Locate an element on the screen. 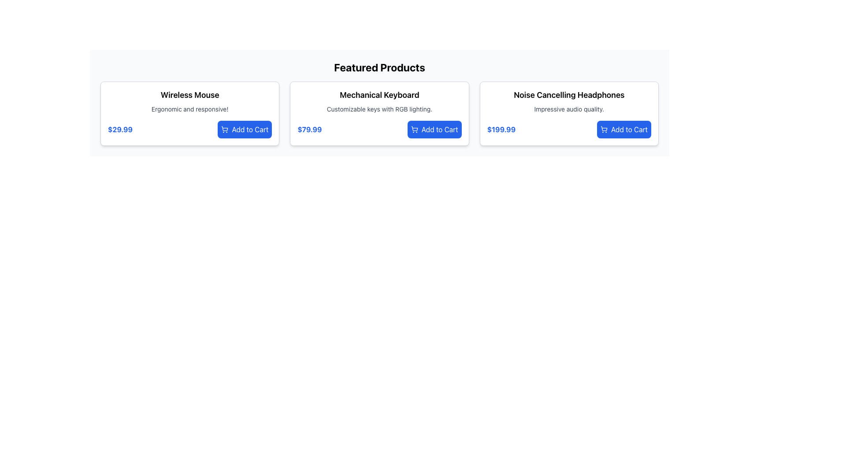  the 'Add to Cart' button with a blue background and shopping cart icon located at the lower-right side of the product card is located at coordinates (623, 129).